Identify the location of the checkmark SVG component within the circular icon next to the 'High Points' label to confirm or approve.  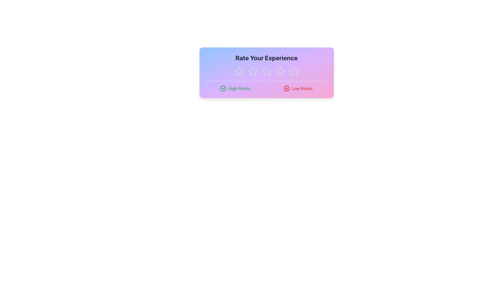
(224, 88).